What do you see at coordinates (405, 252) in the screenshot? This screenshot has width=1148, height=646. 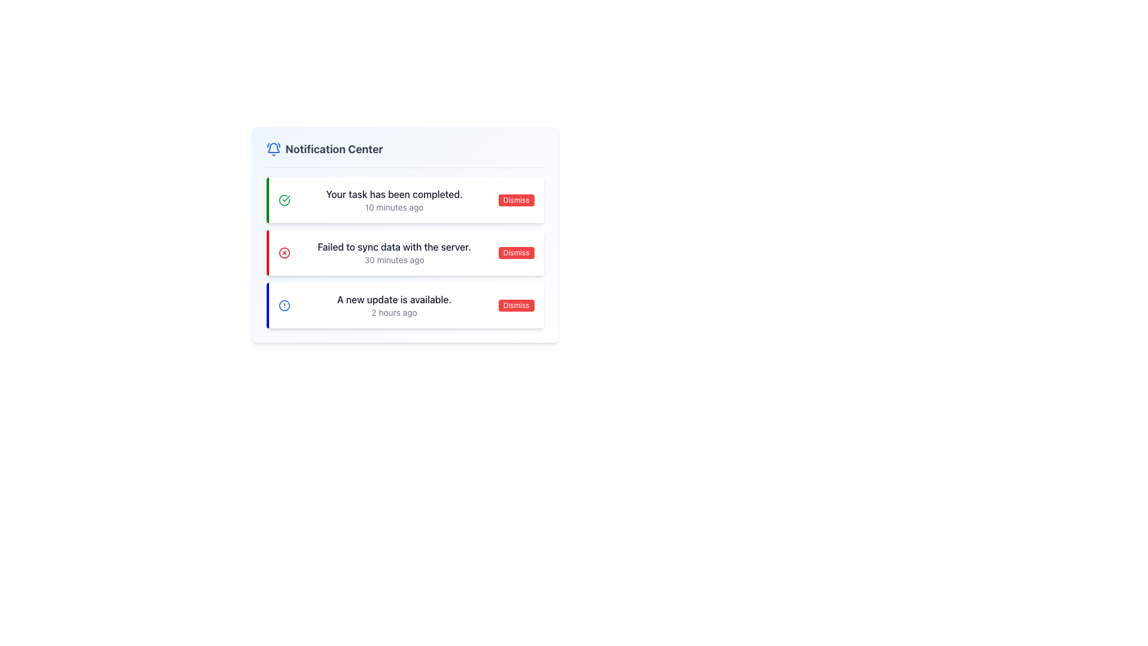 I see `notification message about the synchronization failure with the server, which is the second notification card in the list` at bounding box center [405, 252].